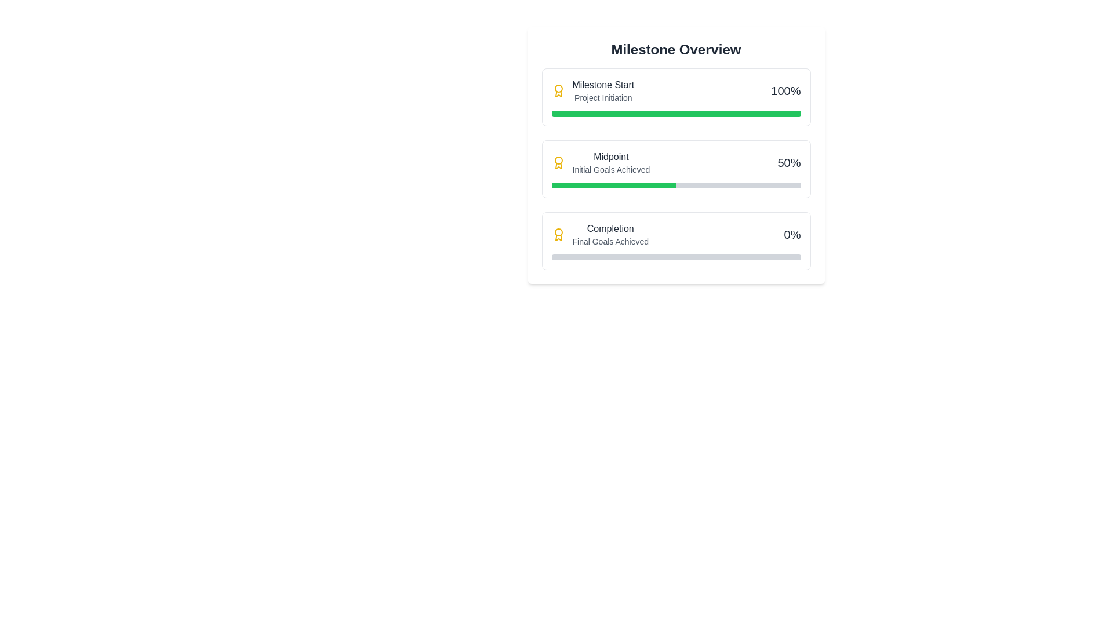  What do you see at coordinates (610, 156) in the screenshot?
I see `the static text label that identifies the current milestone point in a series of steps` at bounding box center [610, 156].